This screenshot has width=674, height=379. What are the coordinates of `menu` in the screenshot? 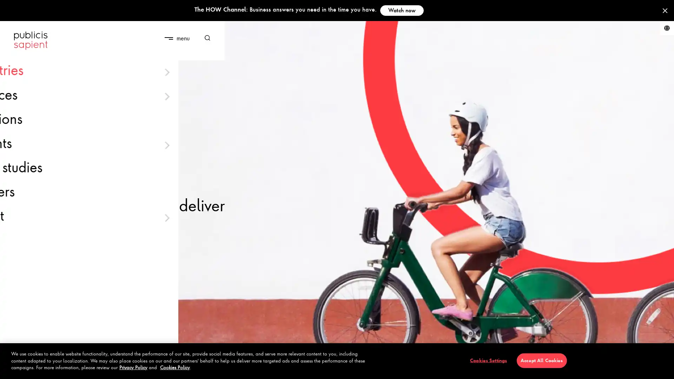 It's located at (177, 38).